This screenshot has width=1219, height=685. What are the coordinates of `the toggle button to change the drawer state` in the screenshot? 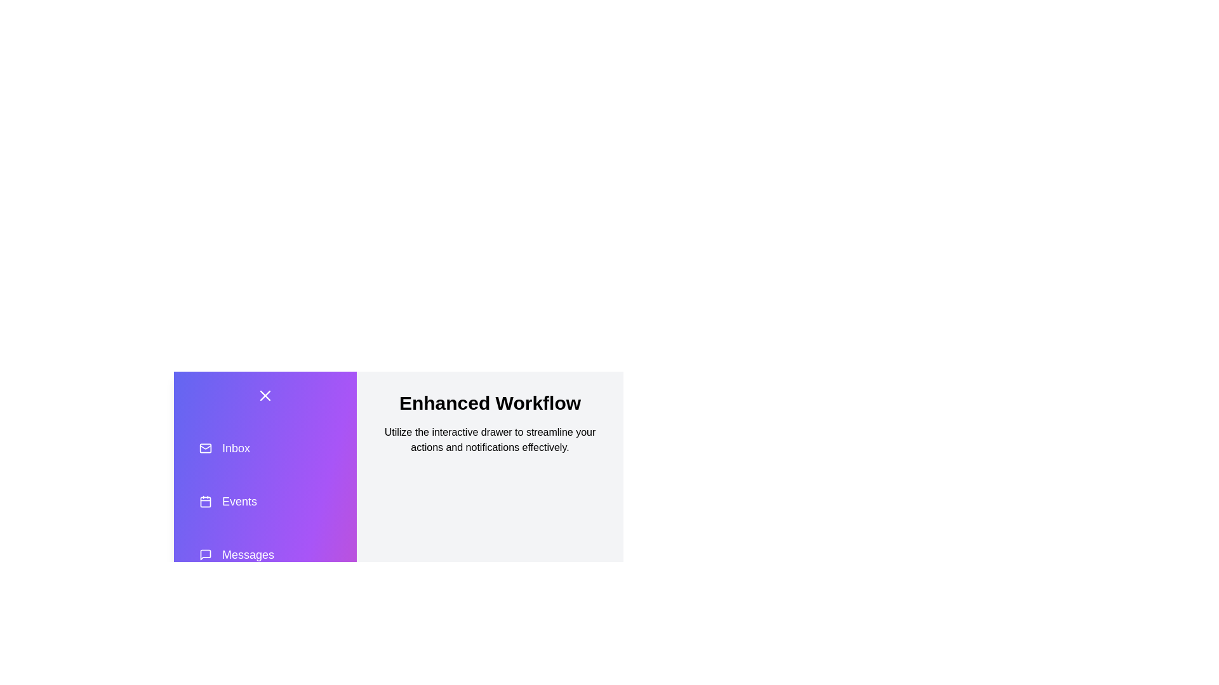 It's located at (264, 395).